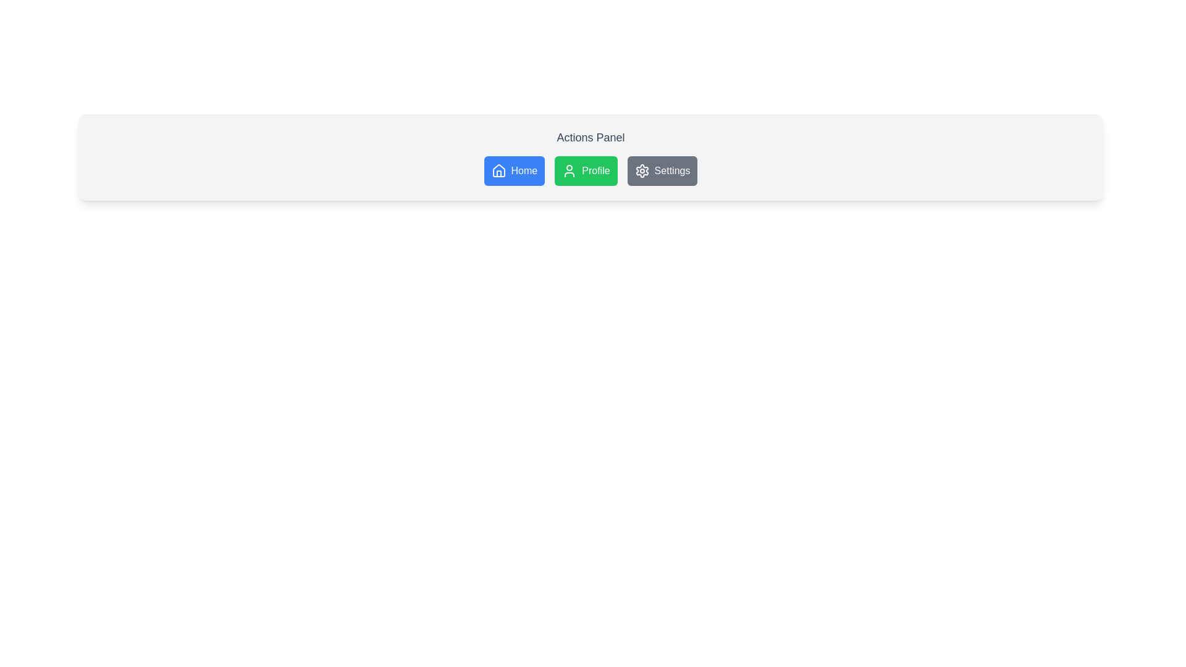  I want to click on the settings icon, which is a mechanical gear with a circular design and cog-like edges, located to the left of the 'Settings' text, so click(642, 171).